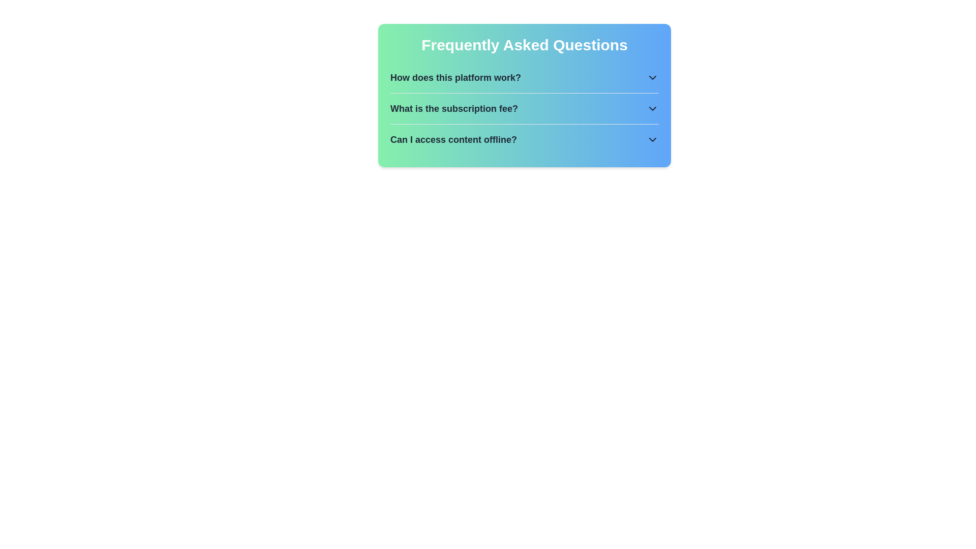 The width and height of the screenshot is (976, 549). Describe the element at coordinates (652, 108) in the screenshot. I see `the downward-pointing chevron icon located to the right of the text 'What is the subscription fee?'` at that location.